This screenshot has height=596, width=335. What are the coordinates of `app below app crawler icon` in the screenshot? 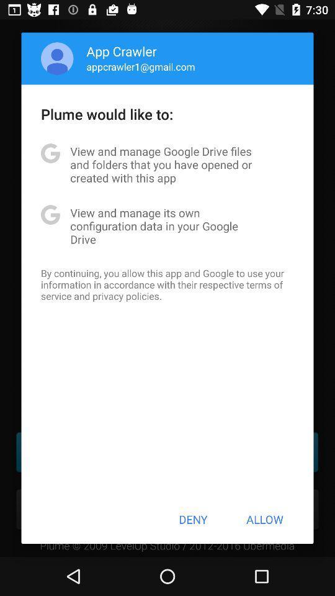 It's located at (140, 66).